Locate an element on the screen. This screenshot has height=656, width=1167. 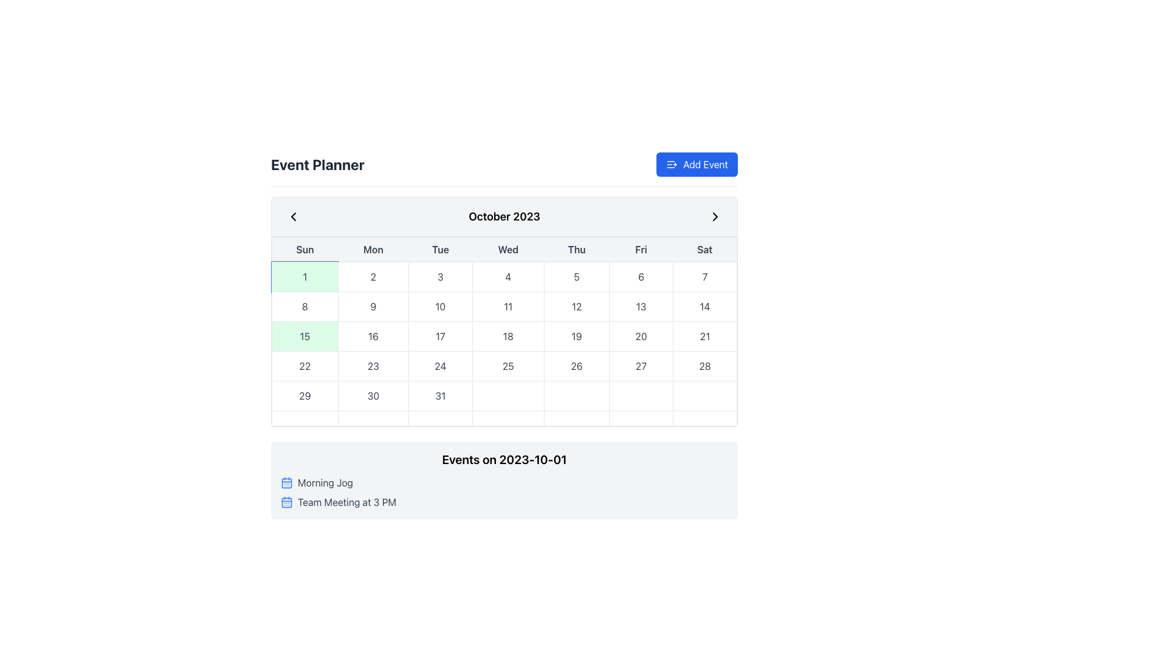
the last row of the calendar grid is located at coordinates (504, 395).